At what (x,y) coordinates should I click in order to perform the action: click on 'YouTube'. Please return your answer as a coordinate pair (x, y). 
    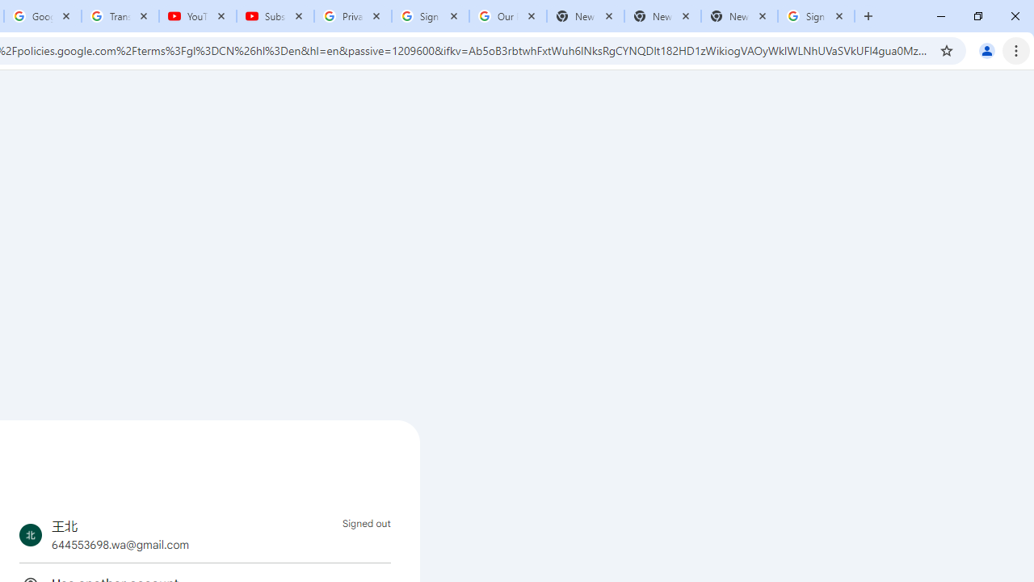
    Looking at the image, I should click on (197, 16).